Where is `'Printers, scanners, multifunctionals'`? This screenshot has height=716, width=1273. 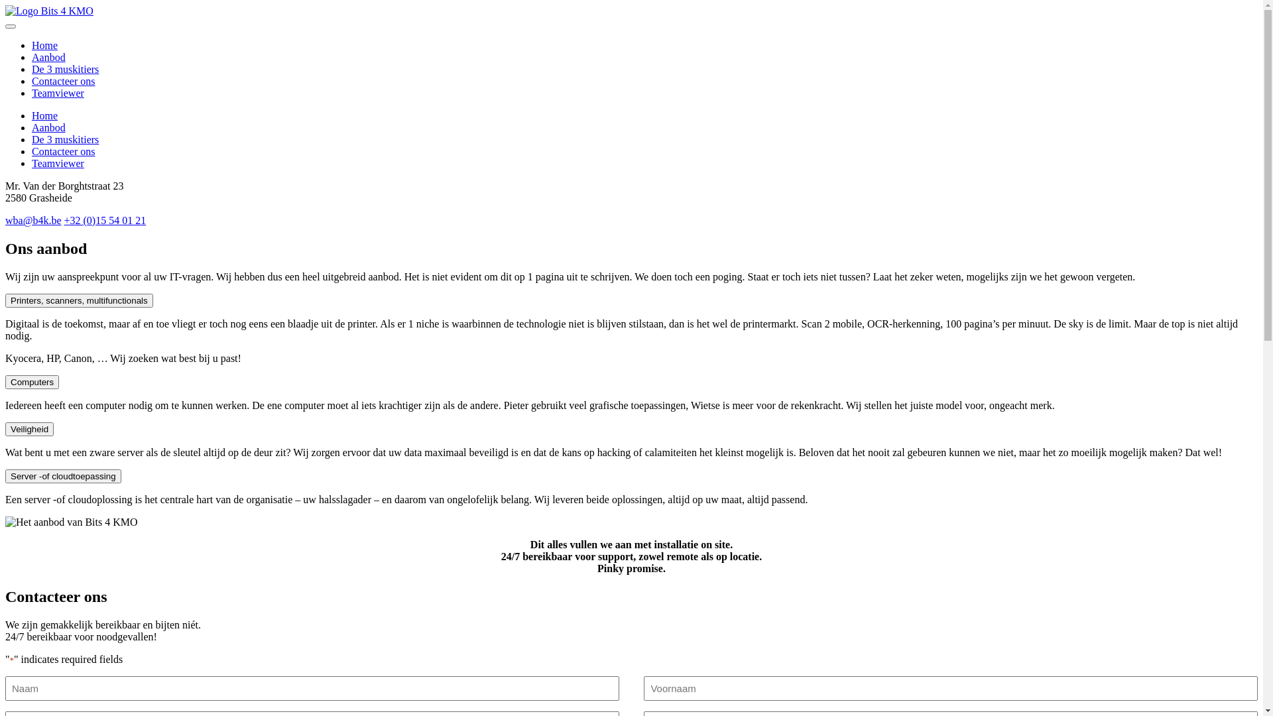 'Printers, scanners, multifunctionals' is located at coordinates (5, 300).